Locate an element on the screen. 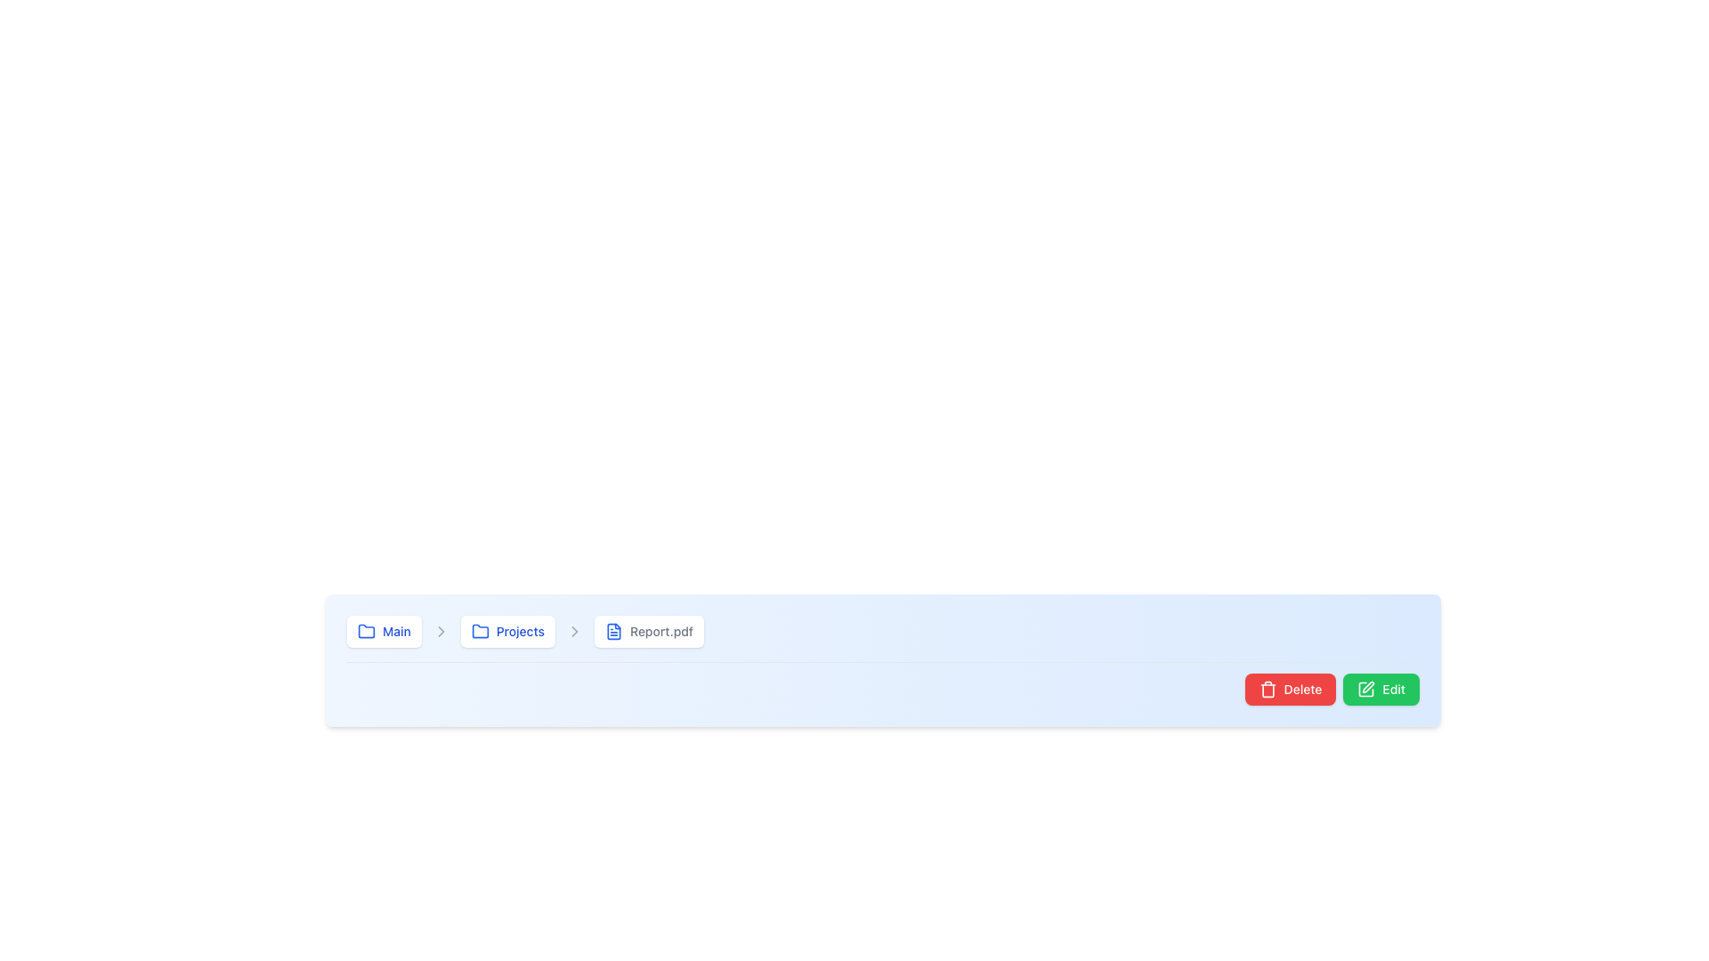  the green rectangular button labeled 'Edit' is located at coordinates (1381, 689).